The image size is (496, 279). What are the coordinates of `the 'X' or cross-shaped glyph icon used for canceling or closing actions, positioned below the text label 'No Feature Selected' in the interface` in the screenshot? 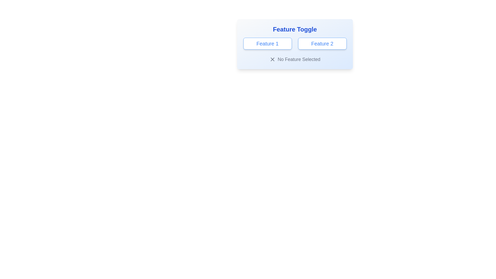 It's located at (272, 59).